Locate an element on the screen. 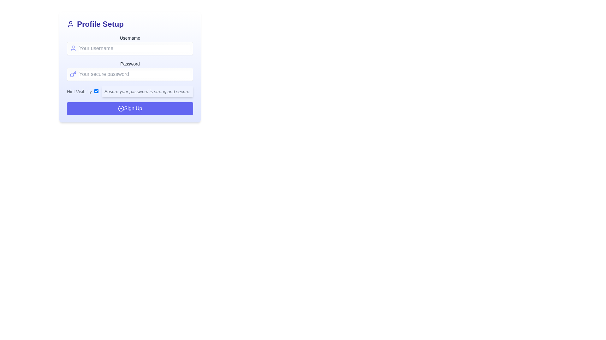  the small circular icon within the SVG graphic that is located to the left of the password input field is located at coordinates (72, 75).